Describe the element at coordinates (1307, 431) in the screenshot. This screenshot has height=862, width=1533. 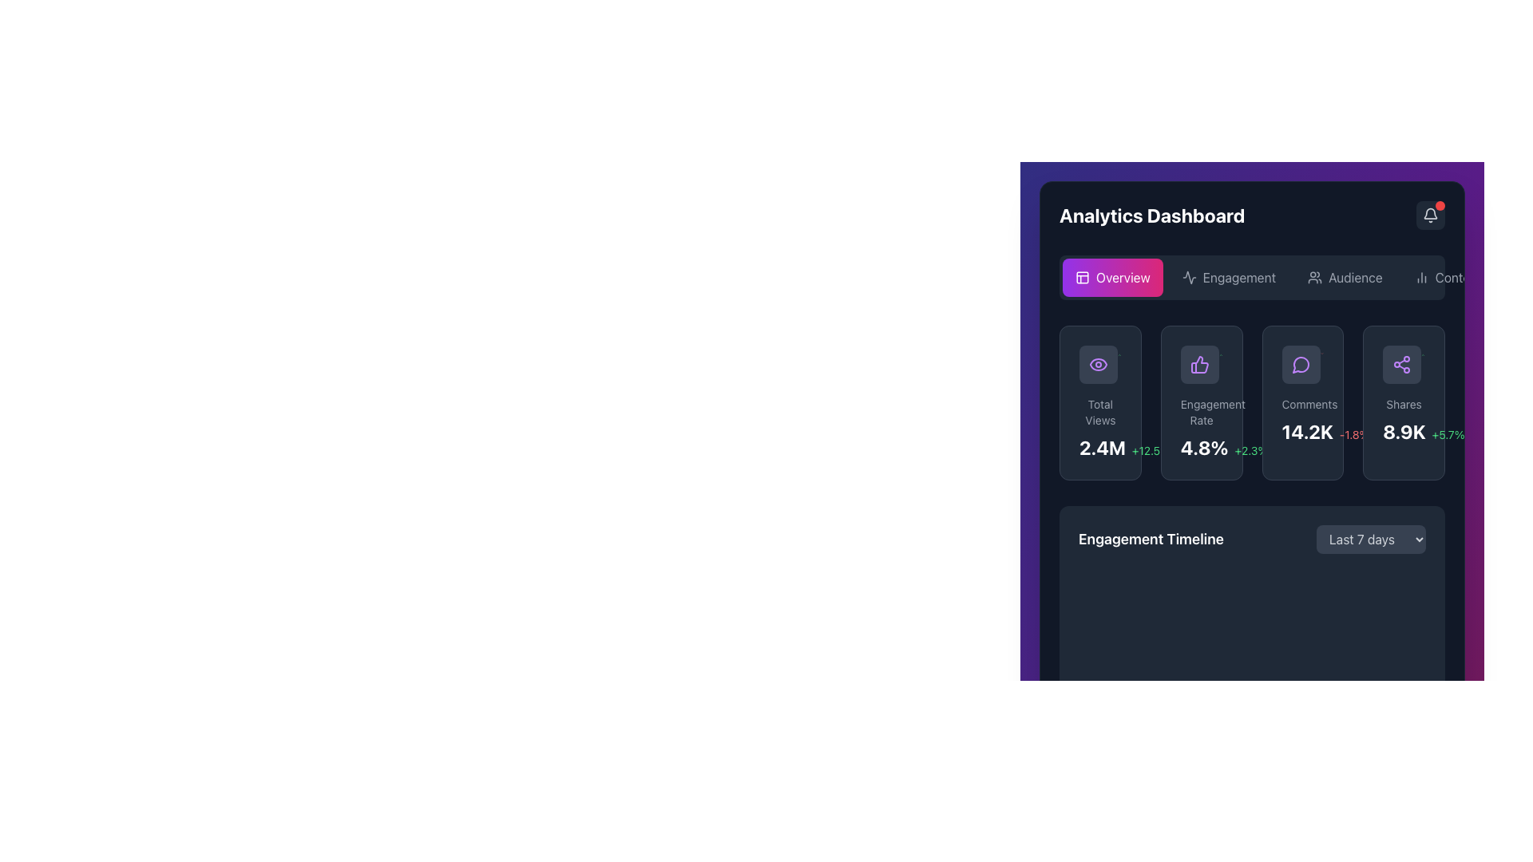
I see `the text label displaying '14.2K' on the 'Comments' card in the Analytics Dashboard` at that location.